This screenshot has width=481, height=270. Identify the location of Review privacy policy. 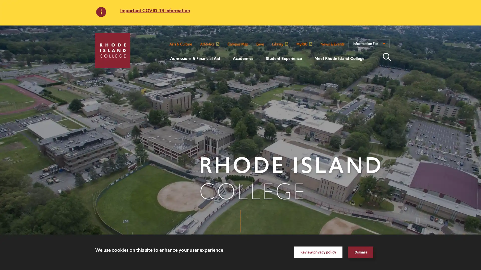
(318, 252).